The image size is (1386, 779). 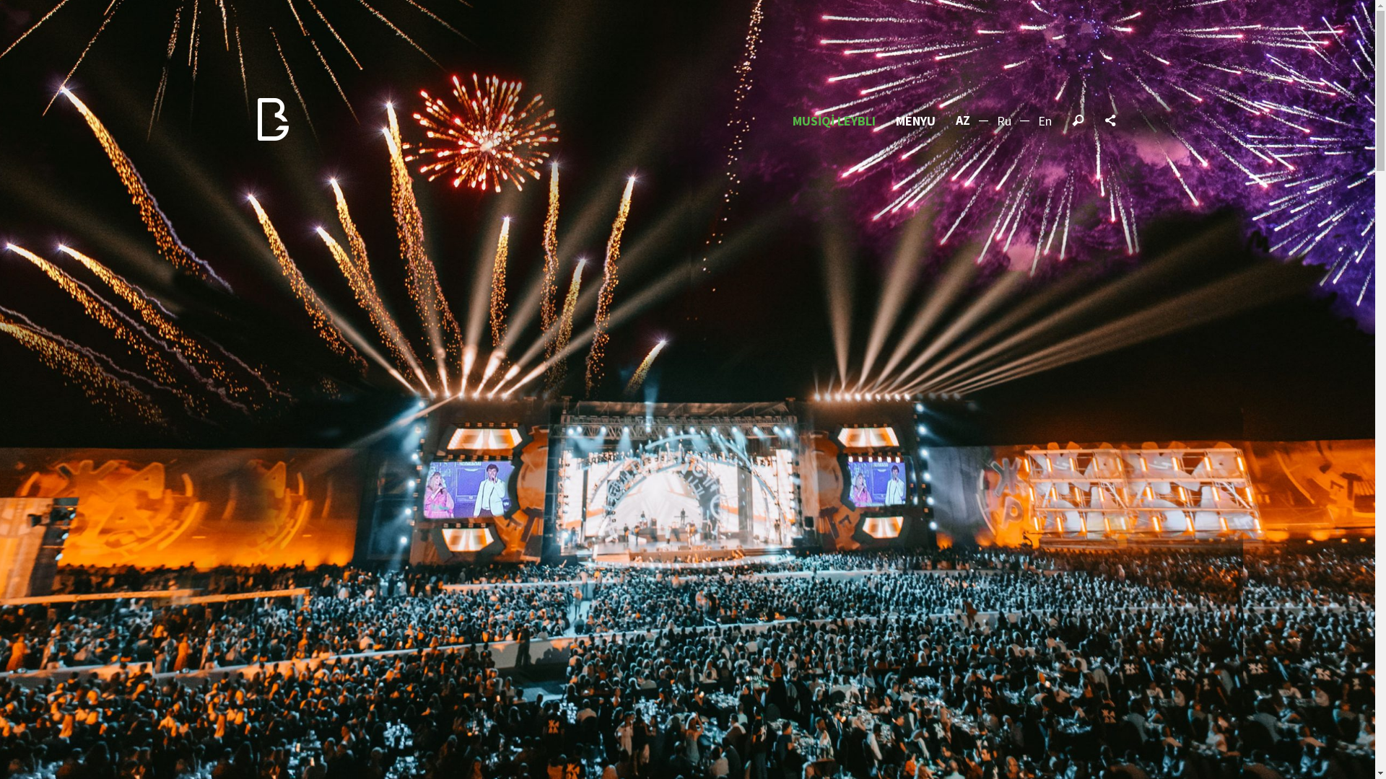 What do you see at coordinates (1003, 120) in the screenshot?
I see `'Ru'` at bounding box center [1003, 120].